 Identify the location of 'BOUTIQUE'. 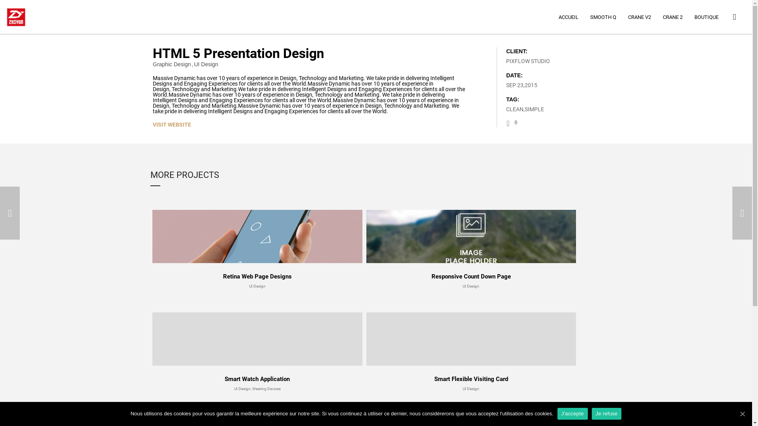
(706, 17).